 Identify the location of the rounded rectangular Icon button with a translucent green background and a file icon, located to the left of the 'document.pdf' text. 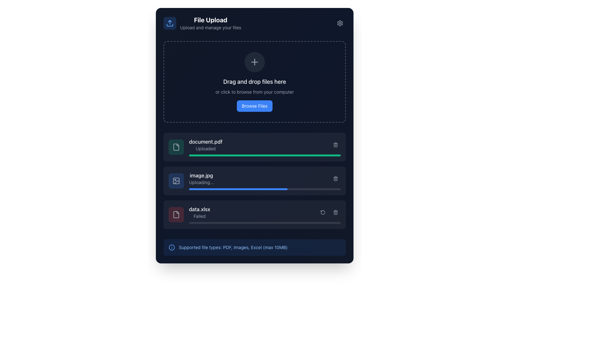
(176, 147).